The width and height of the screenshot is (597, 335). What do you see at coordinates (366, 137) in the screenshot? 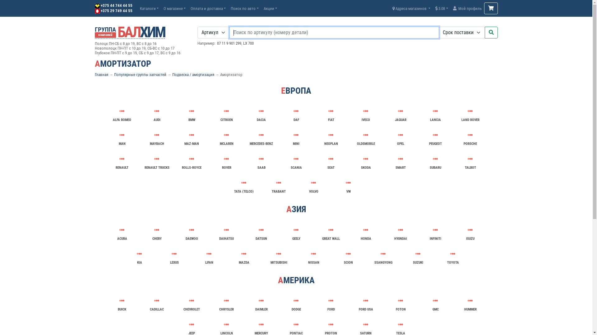
I see `'OLDSMOBILE'` at bounding box center [366, 137].